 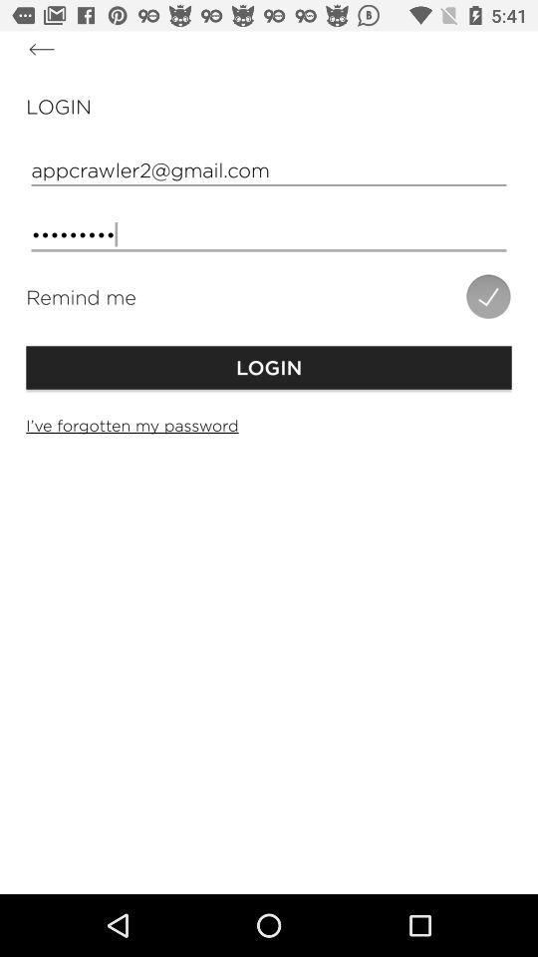 I want to click on appcrawler2@gmail.com, so click(x=269, y=168).